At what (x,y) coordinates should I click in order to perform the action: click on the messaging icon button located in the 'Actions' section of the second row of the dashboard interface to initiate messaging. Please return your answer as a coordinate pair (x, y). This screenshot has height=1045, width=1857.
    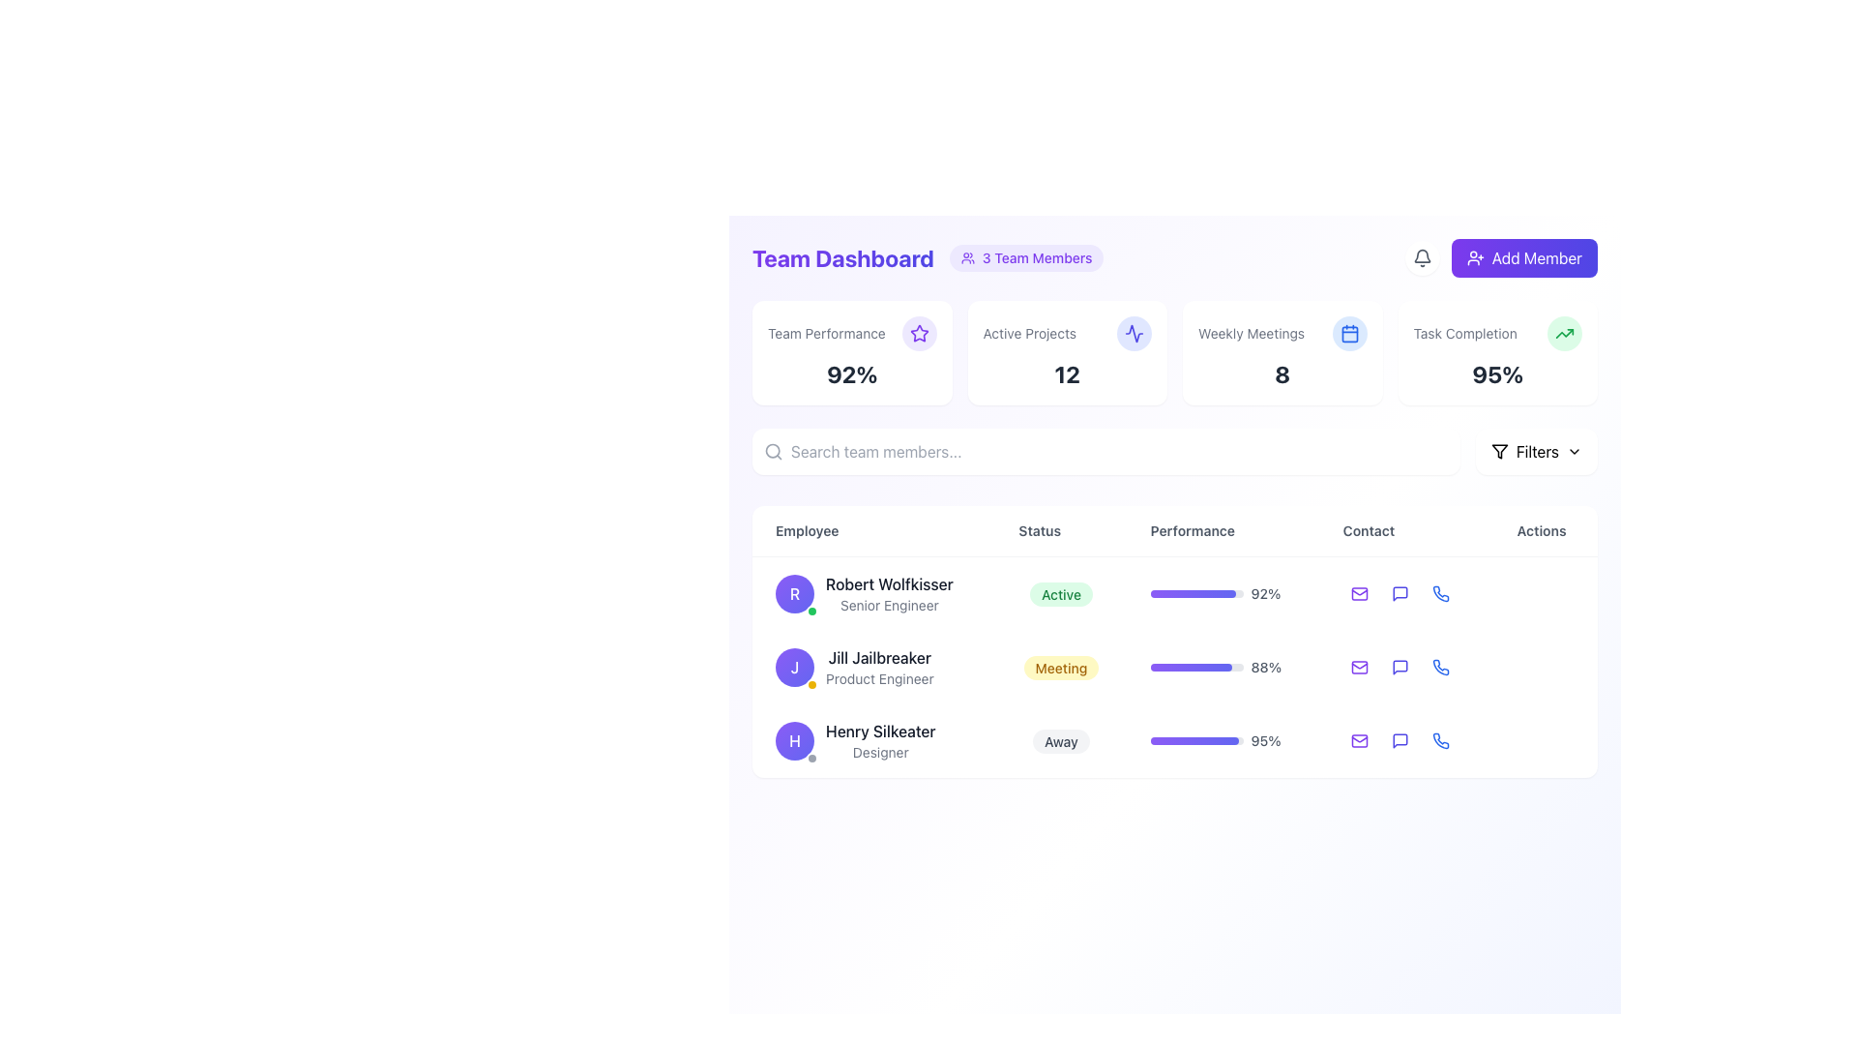
    Looking at the image, I should click on (1400, 667).